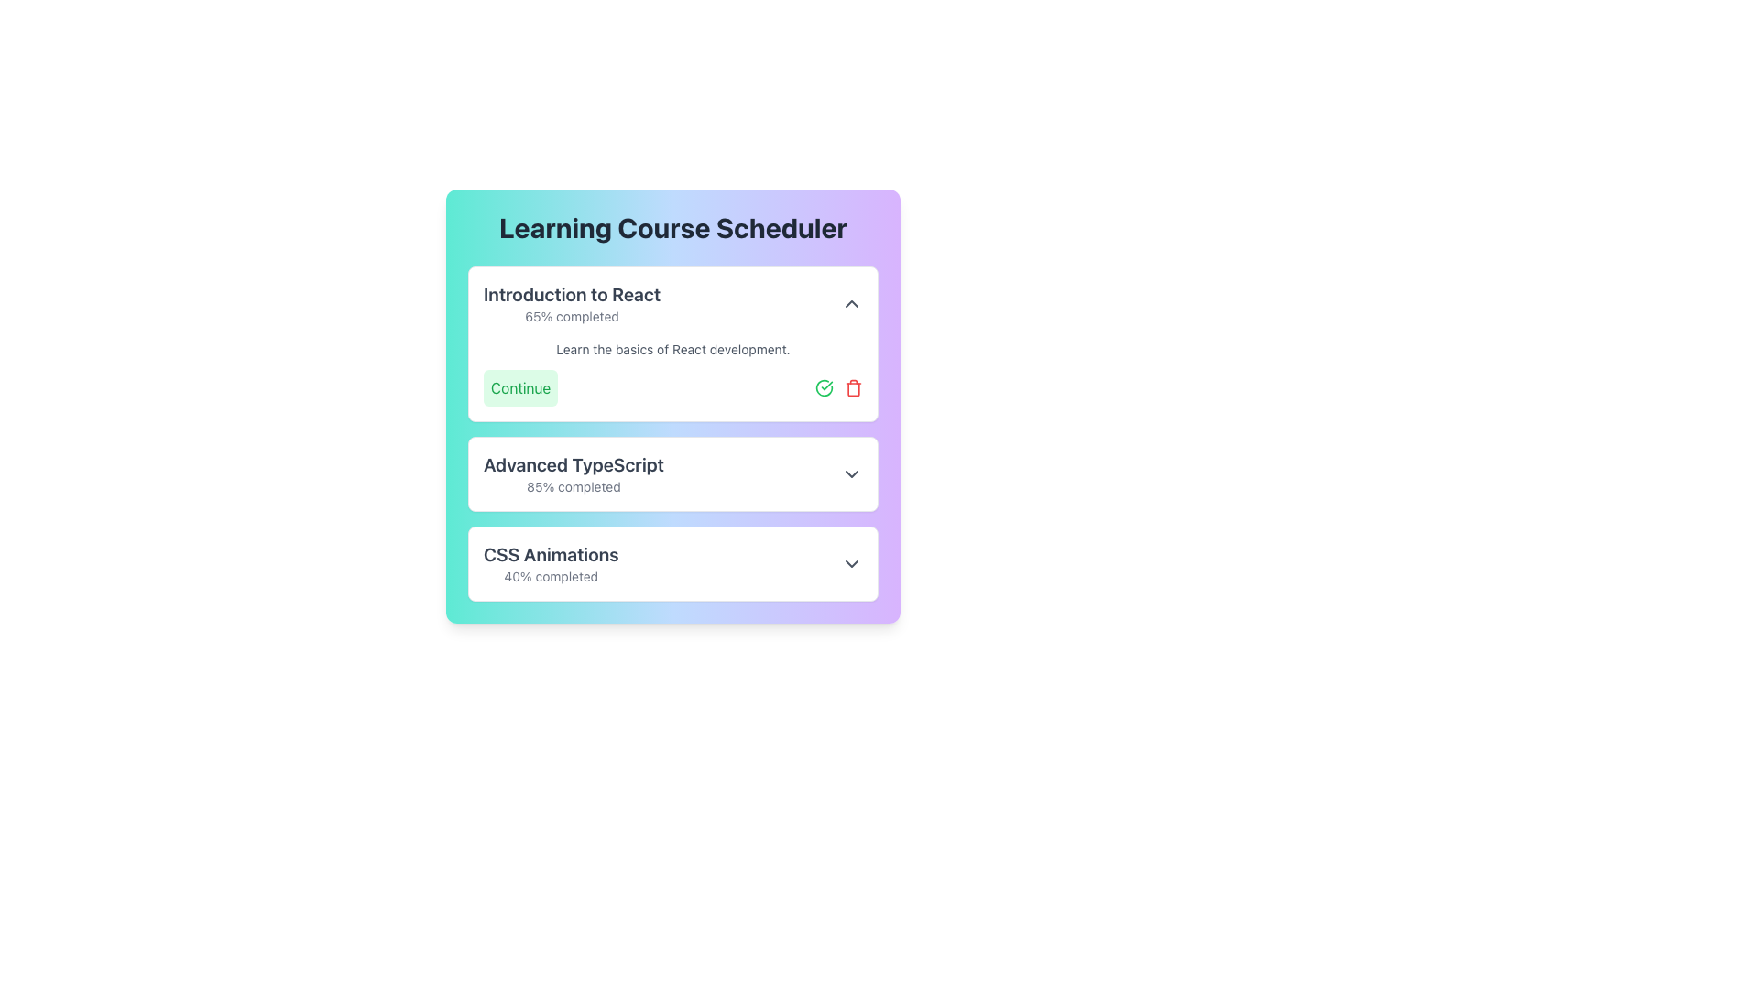  Describe the element at coordinates (672, 563) in the screenshot. I see `the Interactive summary entry titled 'CSS Animations'` at that location.